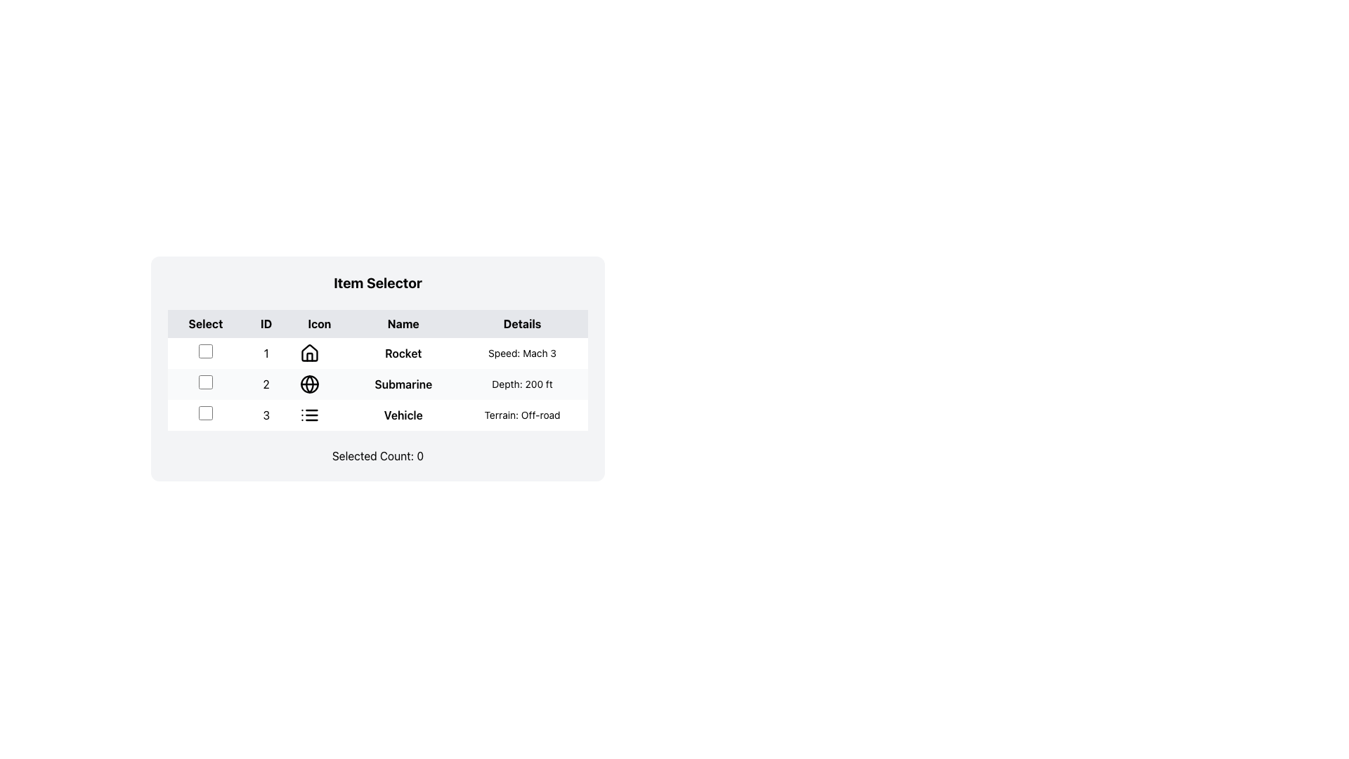  I want to click on the checkbox located in the first row of the 'Item Selector' table, so click(204, 351).